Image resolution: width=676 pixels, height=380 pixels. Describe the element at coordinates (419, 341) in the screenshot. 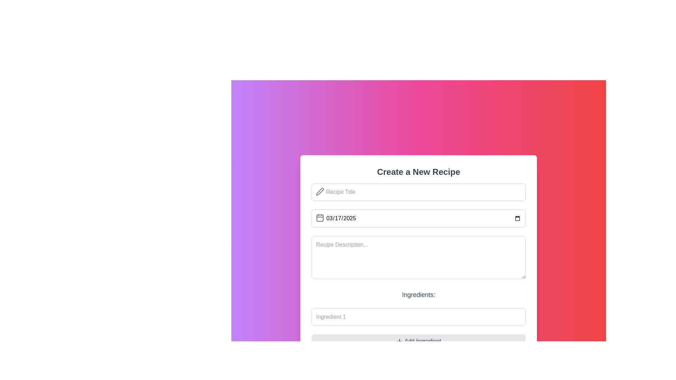

I see `the button` at that location.